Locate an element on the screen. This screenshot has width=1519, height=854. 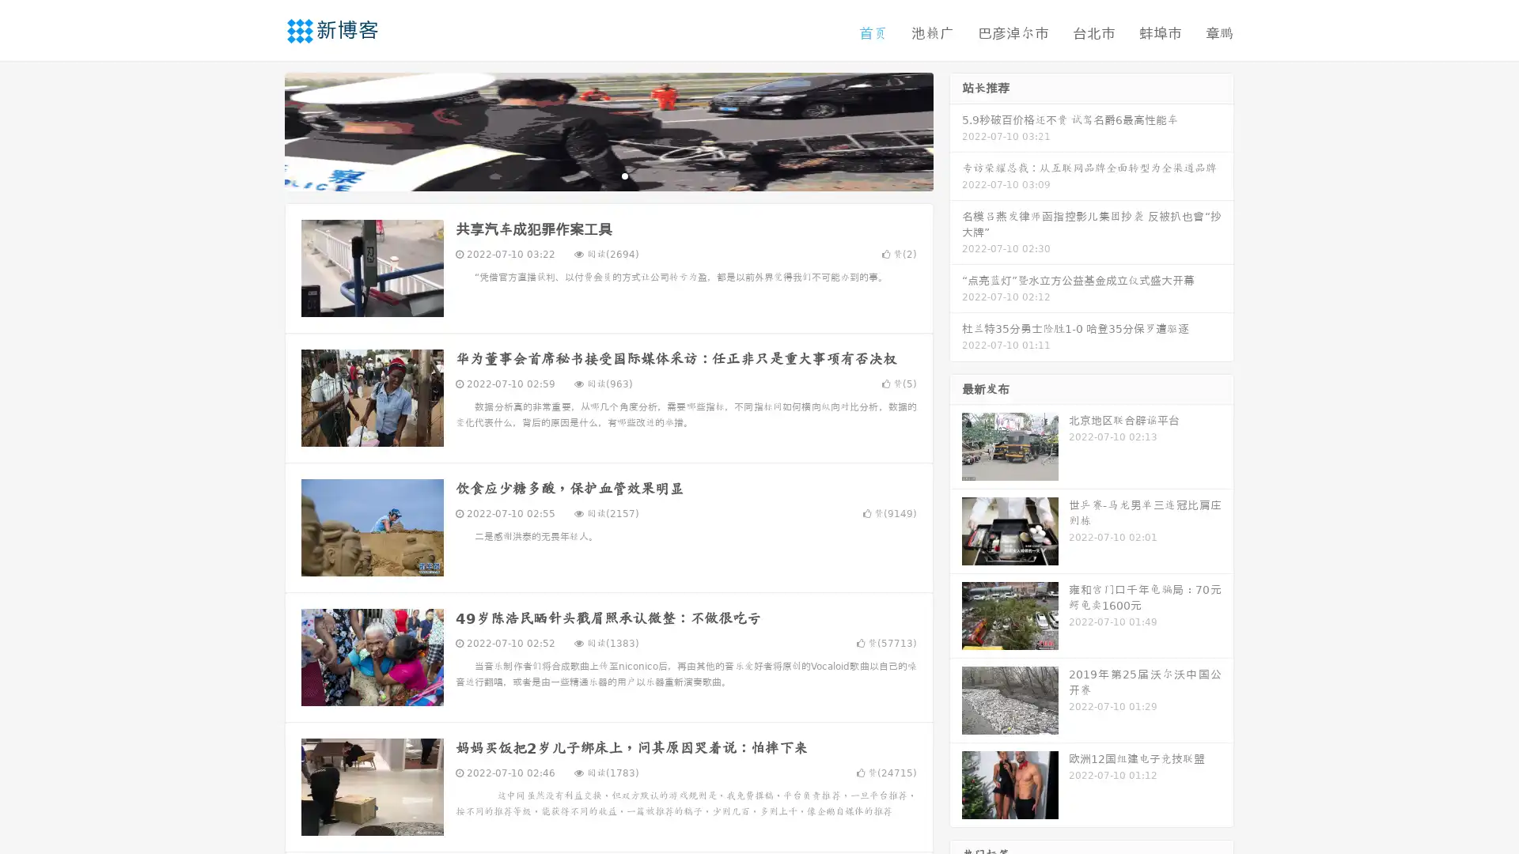
Go to slide 2 is located at coordinates (608, 178).